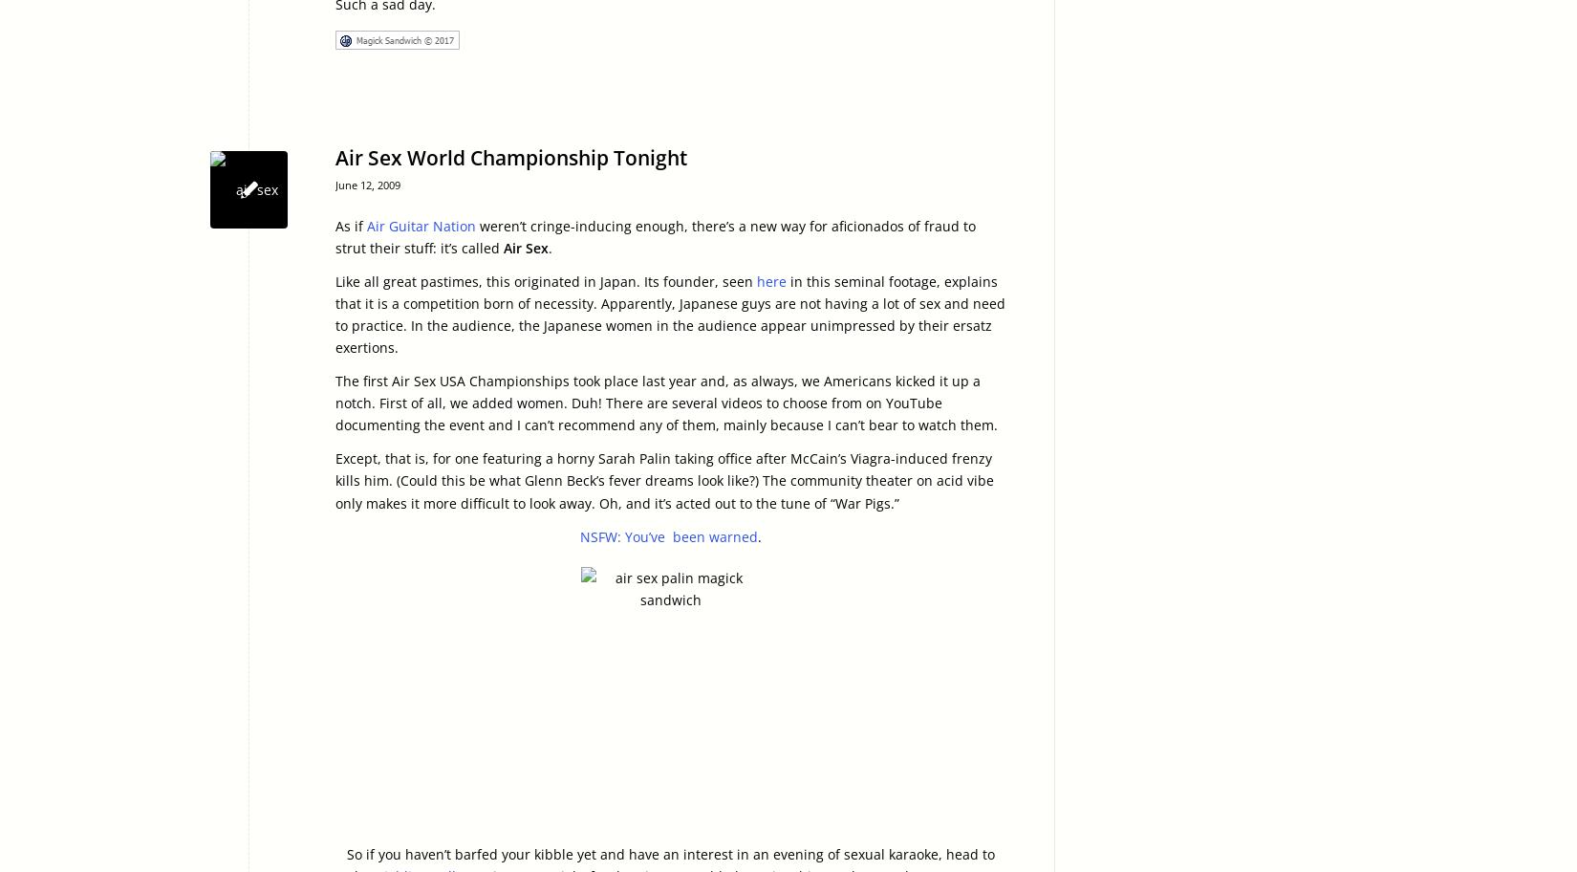 Image resolution: width=1577 pixels, height=872 pixels. I want to click on 'weren’t cringe-inducing enough, there’s a new way for aficionados of fraud to strut their stuff: it’s called', so click(655, 235).